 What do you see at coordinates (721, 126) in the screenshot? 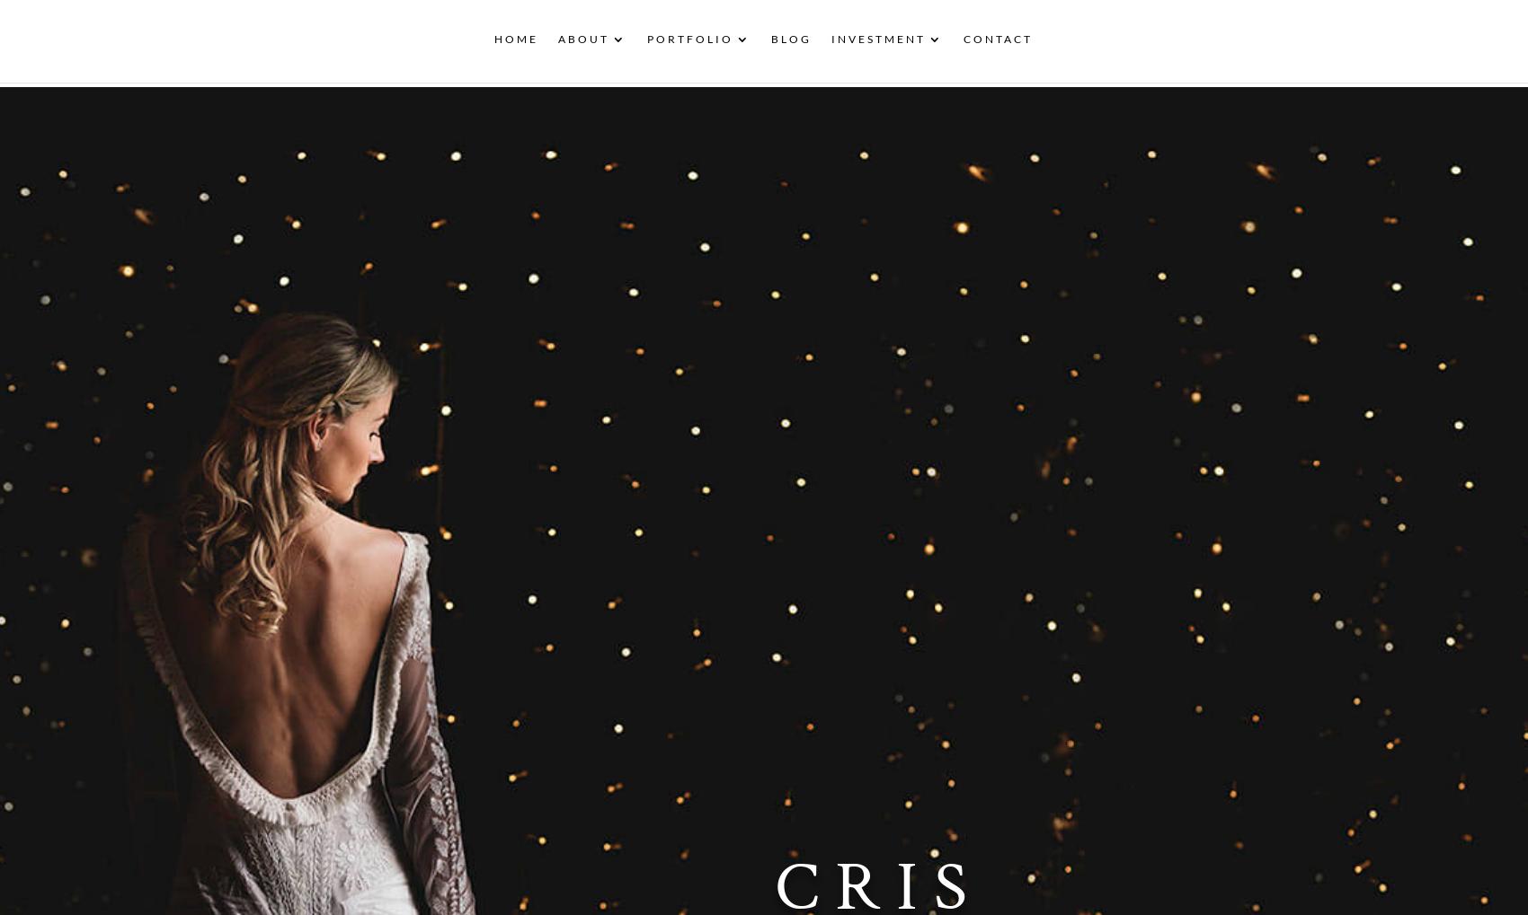
I see `'The Bride'` at bounding box center [721, 126].